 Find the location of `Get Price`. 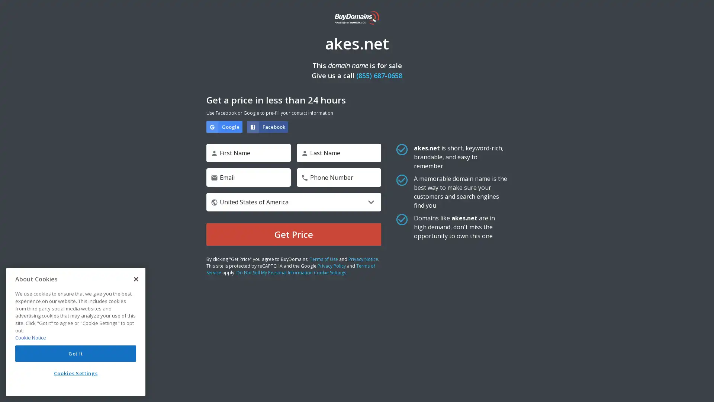

Get Price is located at coordinates (293, 234).